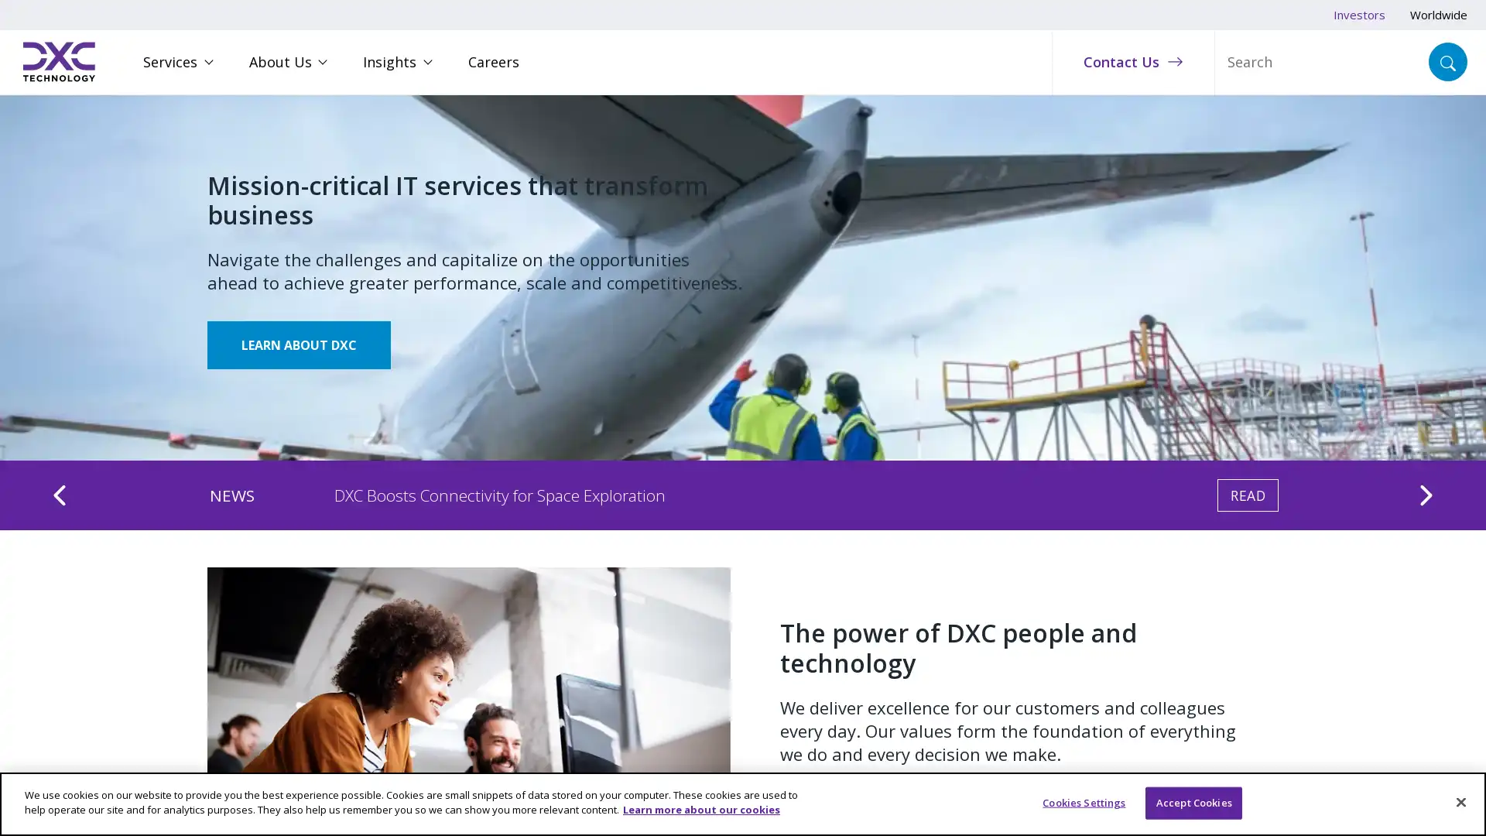 The image size is (1486, 836). What do you see at coordinates (1447, 61) in the screenshot?
I see `Search Submit` at bounding box center [1447, 61].